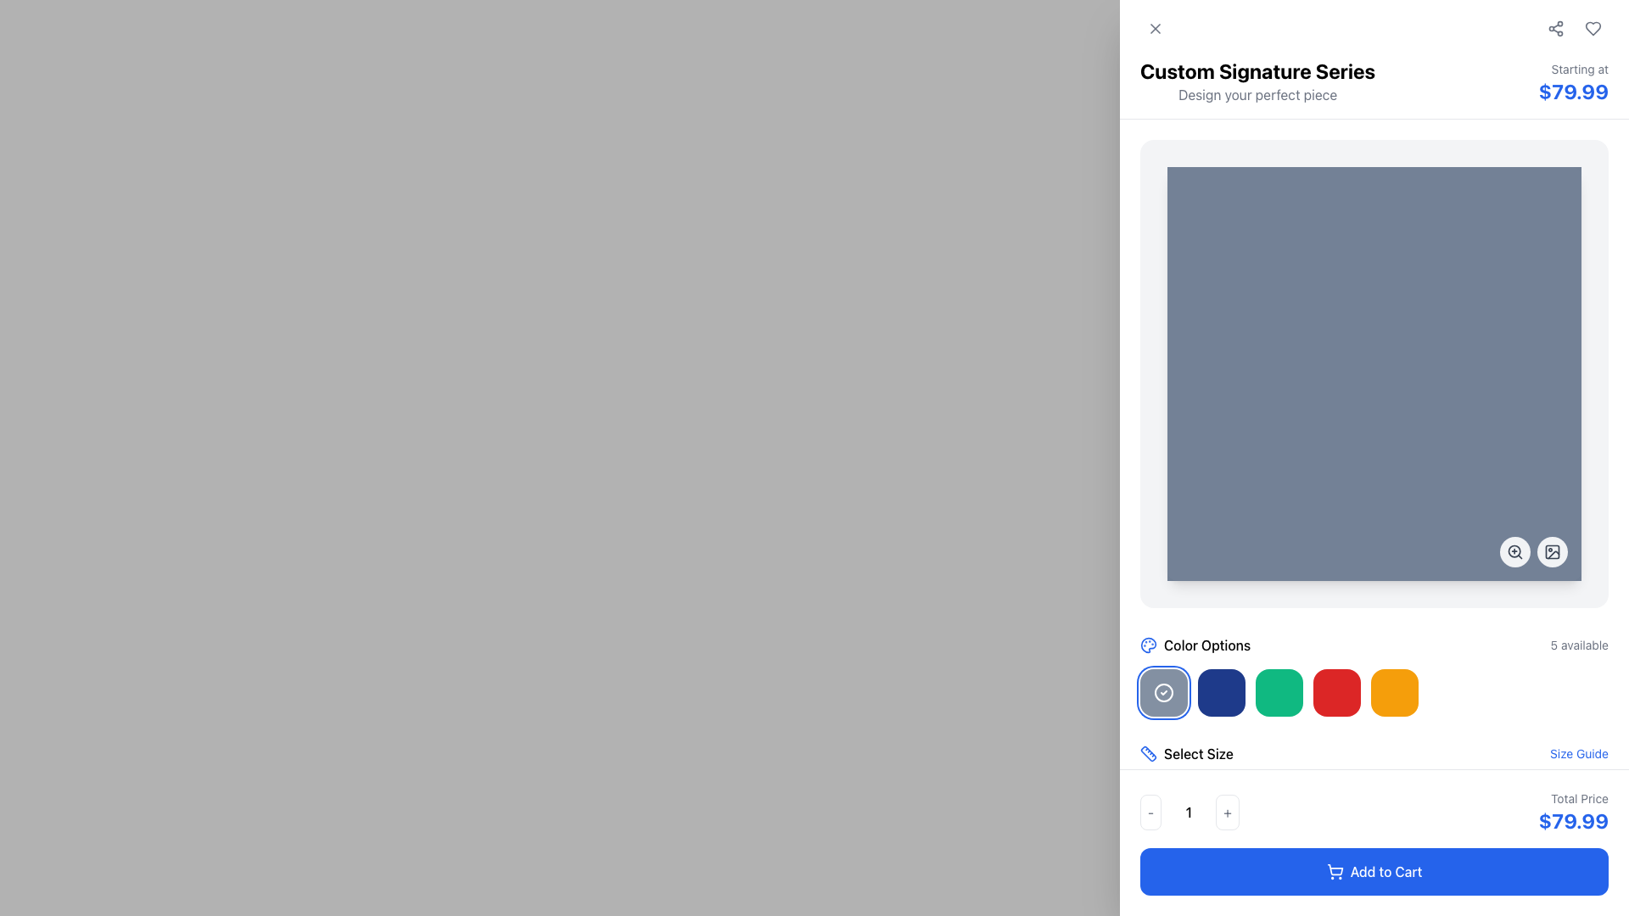  What do you see at coordinates (1279, 693) in the screenshot?
I see `the emerald green button labeled 'Emerald', which is the third button in a row of five color selection buttons` at bounding box center [1279, 693].